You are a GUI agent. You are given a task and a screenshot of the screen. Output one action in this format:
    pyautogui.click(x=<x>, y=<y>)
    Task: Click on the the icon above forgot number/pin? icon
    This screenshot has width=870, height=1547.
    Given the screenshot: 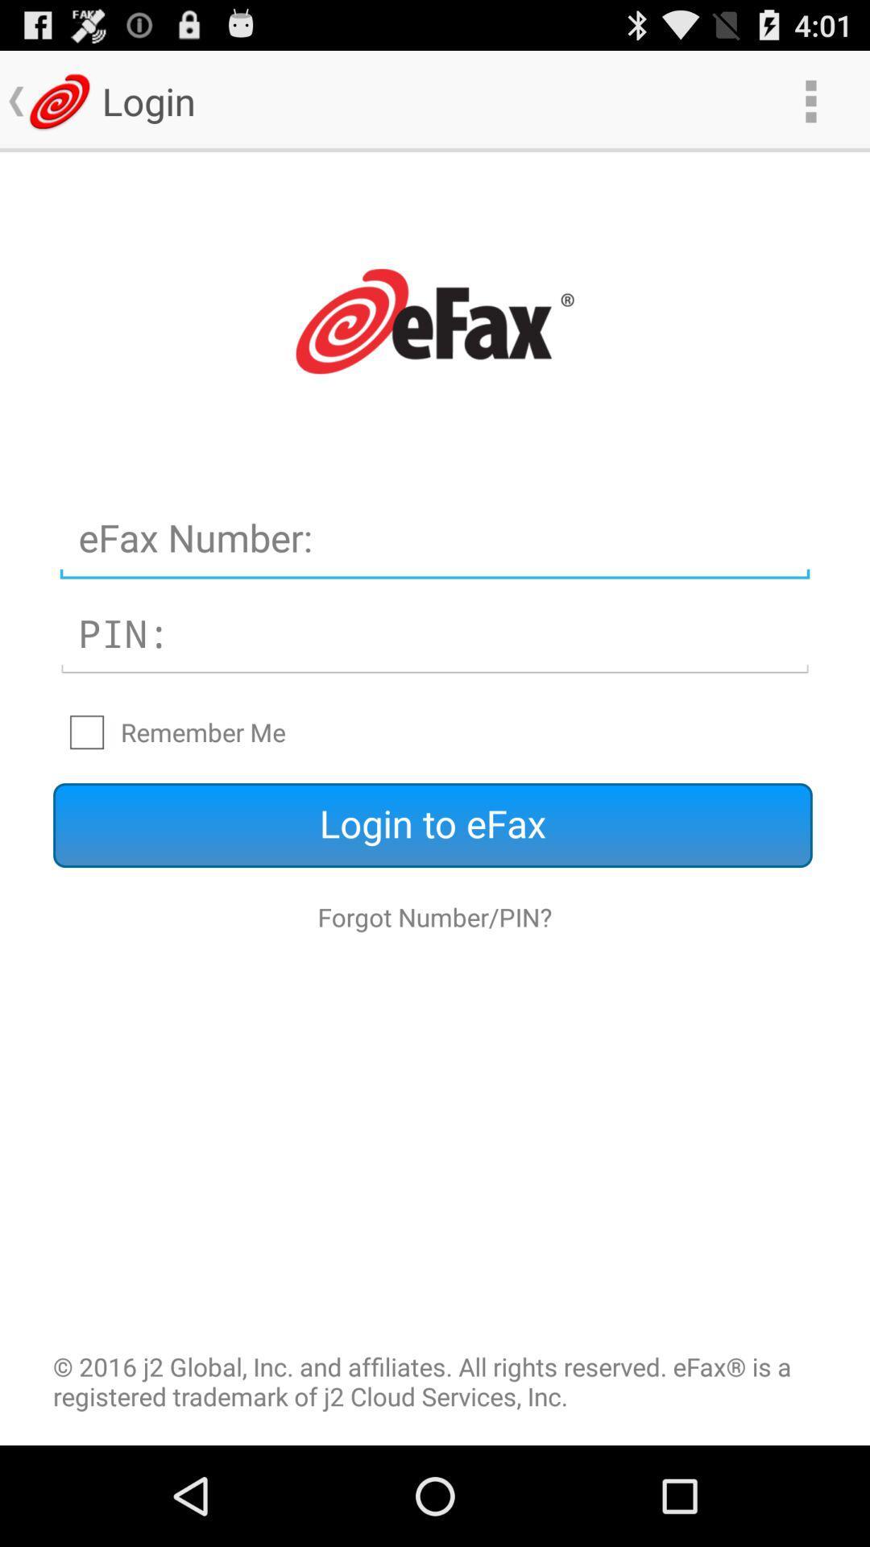 What is the action you would take?
    pyautogui.click(x=432, y=825)
    